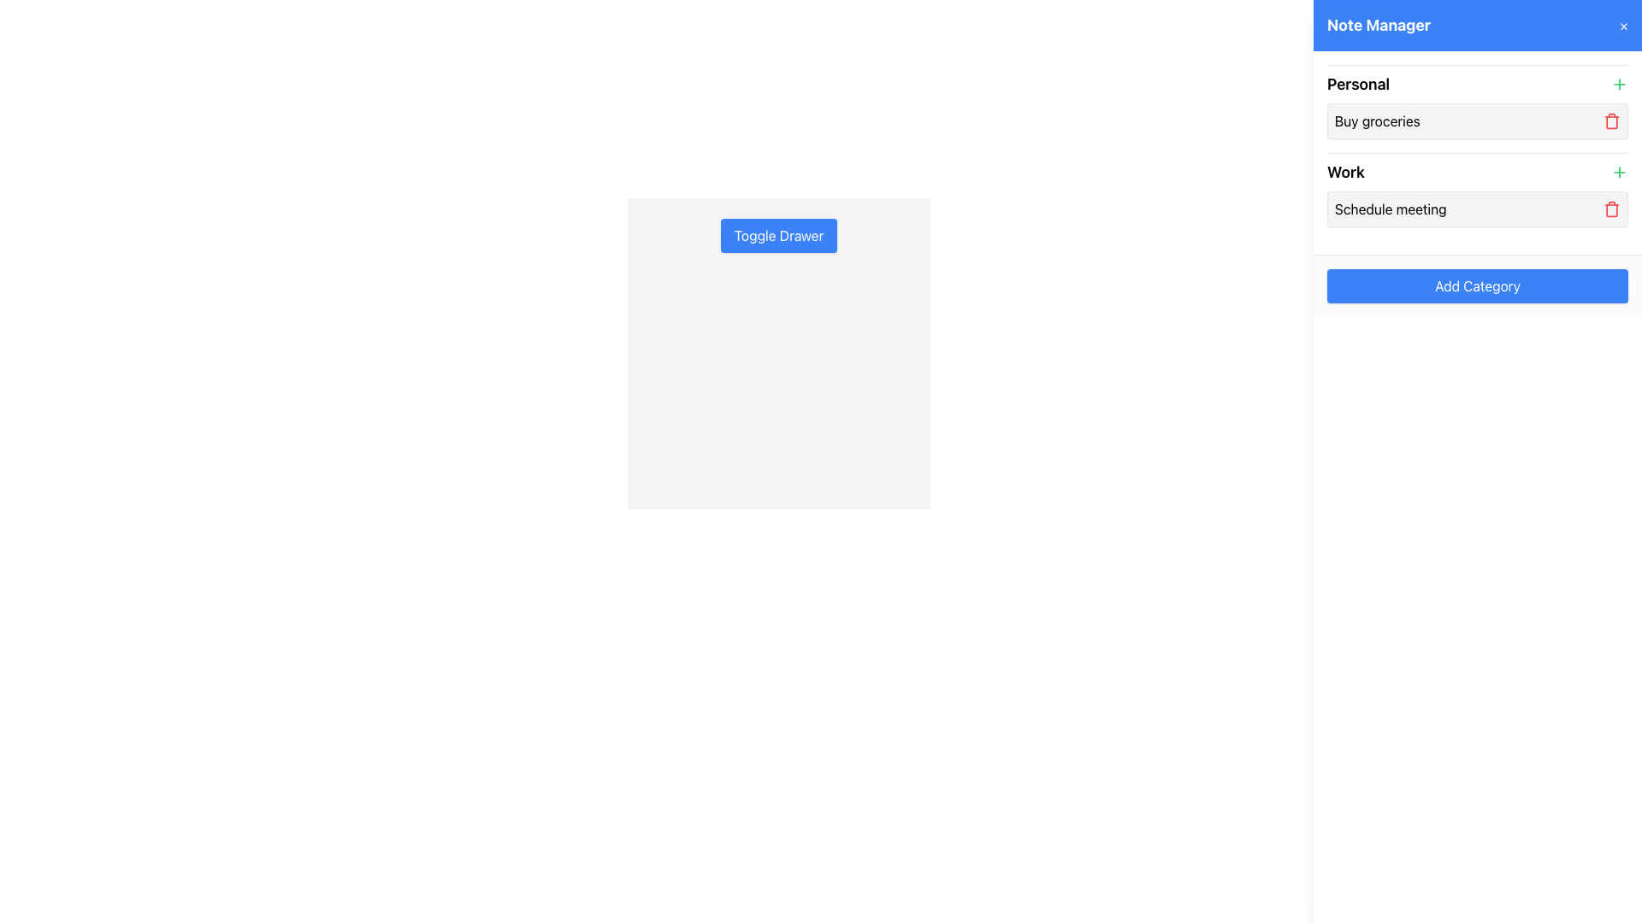 This screenshot has width=1642, height=923. What do you see at coordinates (1611, 121) in the screenshot?
I see `the red delete icon button adjacent to the 'Buy groceries' task label in the 'Note Manager' interface` at bounding box center [1611, 121].